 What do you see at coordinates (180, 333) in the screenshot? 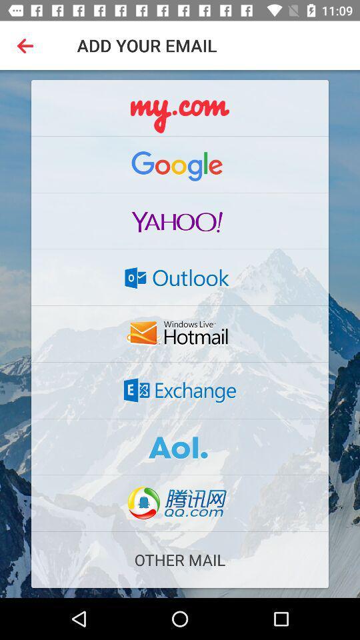
I see `the button which is above the exchange` at bounding box center [180, 333].